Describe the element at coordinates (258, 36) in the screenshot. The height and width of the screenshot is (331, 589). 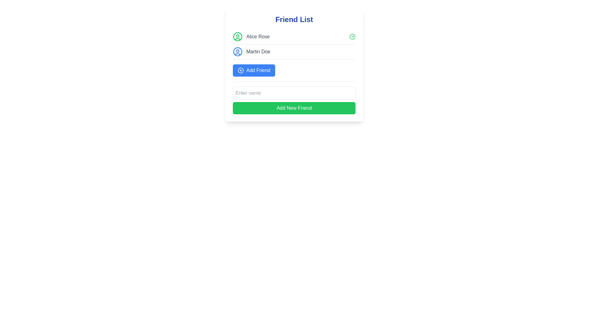
I see `the text label displaying 'Alice Rose' in gray color, which is positioned in the center-left of the friend list interface` at that location.